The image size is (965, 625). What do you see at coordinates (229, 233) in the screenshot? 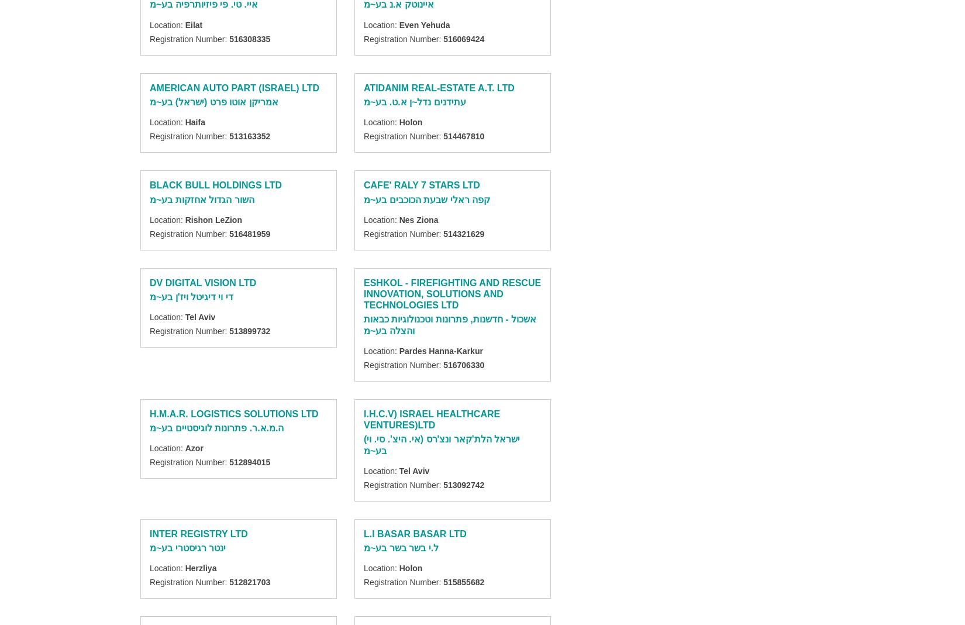
I see `'516481959'` at bounding box center [229, 233].